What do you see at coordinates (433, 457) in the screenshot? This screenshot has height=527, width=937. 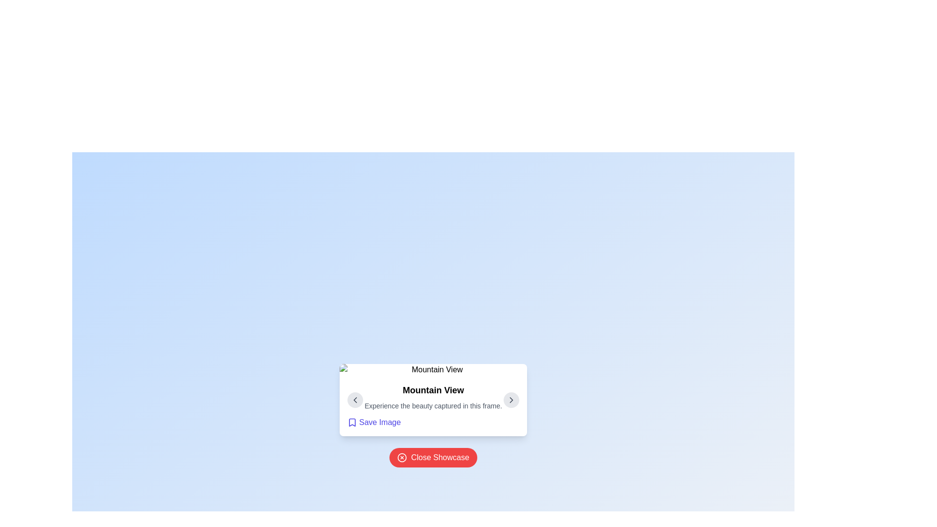 I see `the prominent red button labeled 'Close Showcase'` at bounding box center [433, 457].